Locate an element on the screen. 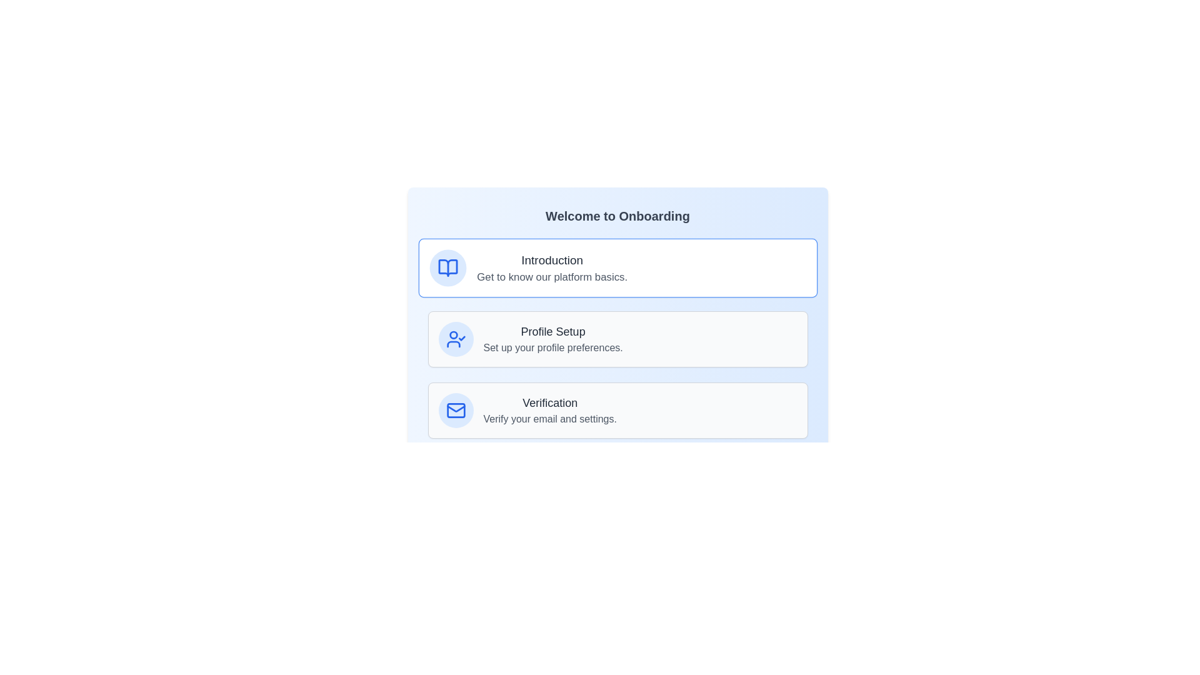 The width and height of the screenshot is (1200, 675). the static text element that provides guidance for setting up user profile preferences, located beneath the 'Profile Setup' label in the onboarding interface is located at coordinates (552, 347).